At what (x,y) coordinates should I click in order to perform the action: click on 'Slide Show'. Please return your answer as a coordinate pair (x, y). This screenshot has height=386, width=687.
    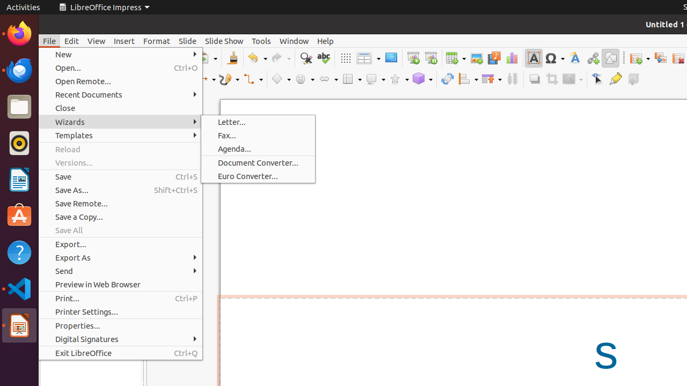
    Looking at the image, I should click on (223, 40).